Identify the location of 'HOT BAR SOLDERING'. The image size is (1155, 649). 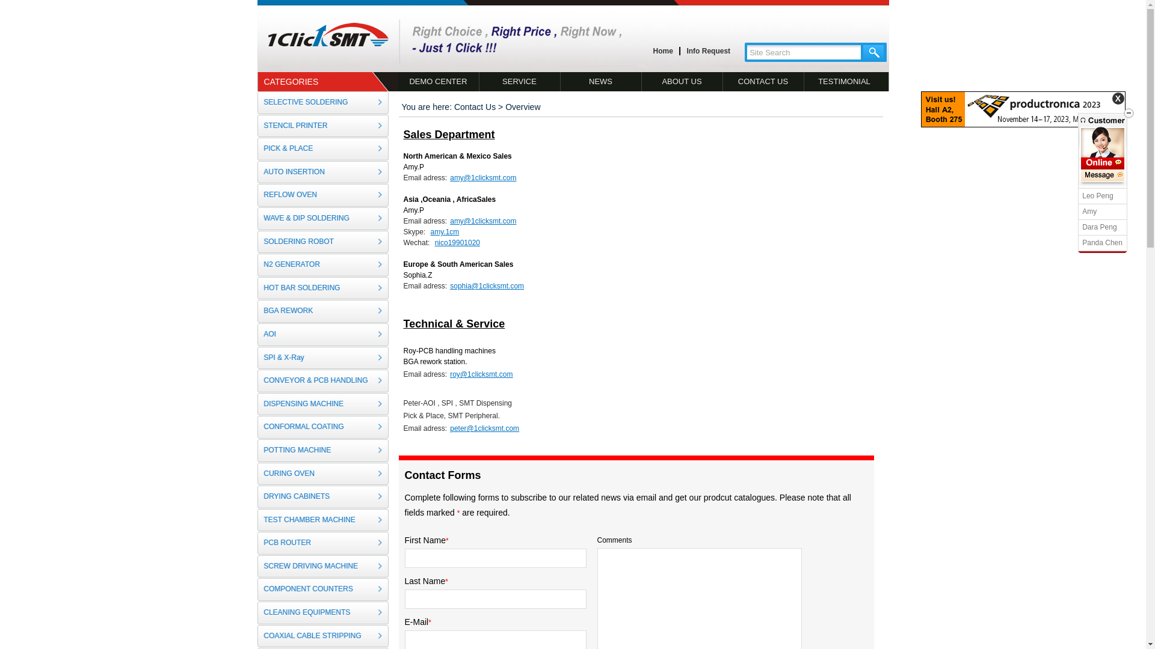
(323, 288).